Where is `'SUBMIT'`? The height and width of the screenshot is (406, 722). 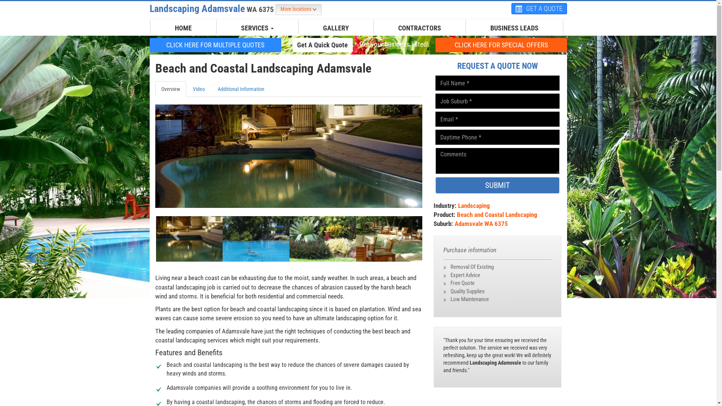 'SUBMIT' is located at coordinates (498, 185).